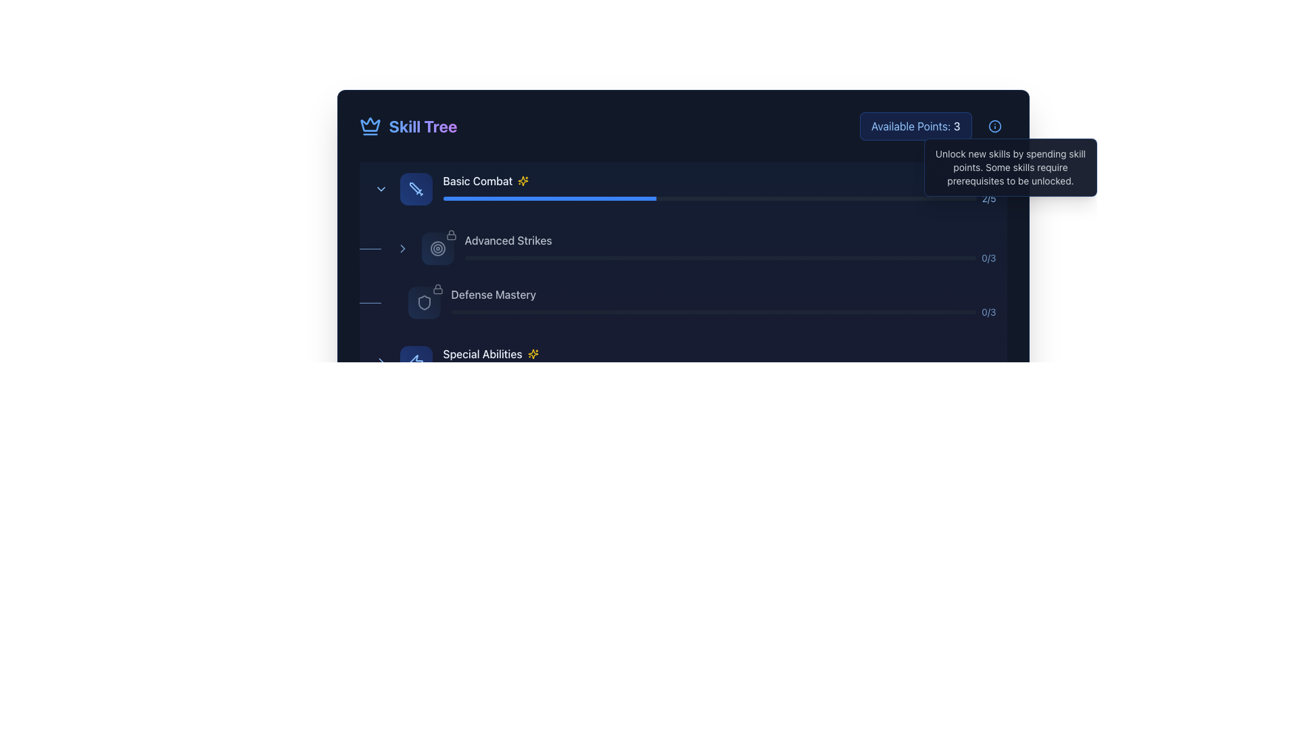  What do you see at coordinates (994, 126) in the screenshot?
I see `the interactive info icon located to the right of the 'Available Points: 3' text in the top-right corner` at bounding box center [994, 126].